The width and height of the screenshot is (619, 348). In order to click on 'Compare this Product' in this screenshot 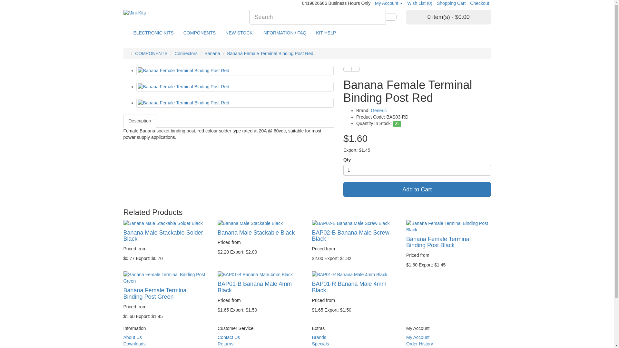, I will do `click(351, 69)`.